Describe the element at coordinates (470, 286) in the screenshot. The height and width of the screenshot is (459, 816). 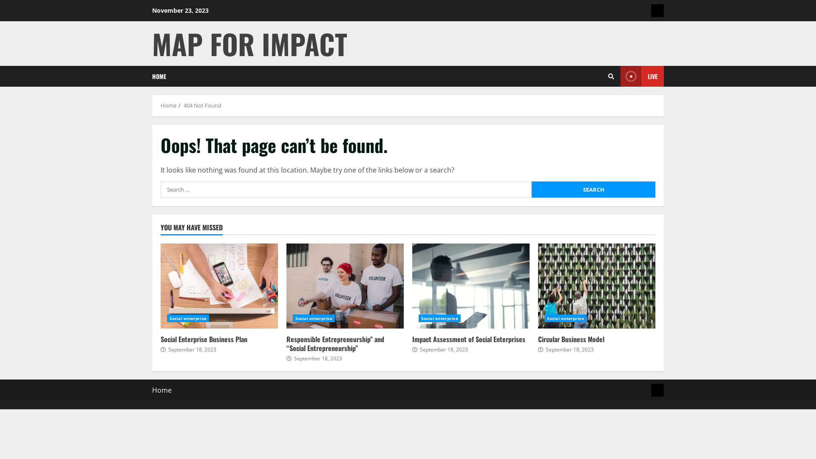
I see `'Impact Assessment of Social Enterprises'` at that location.